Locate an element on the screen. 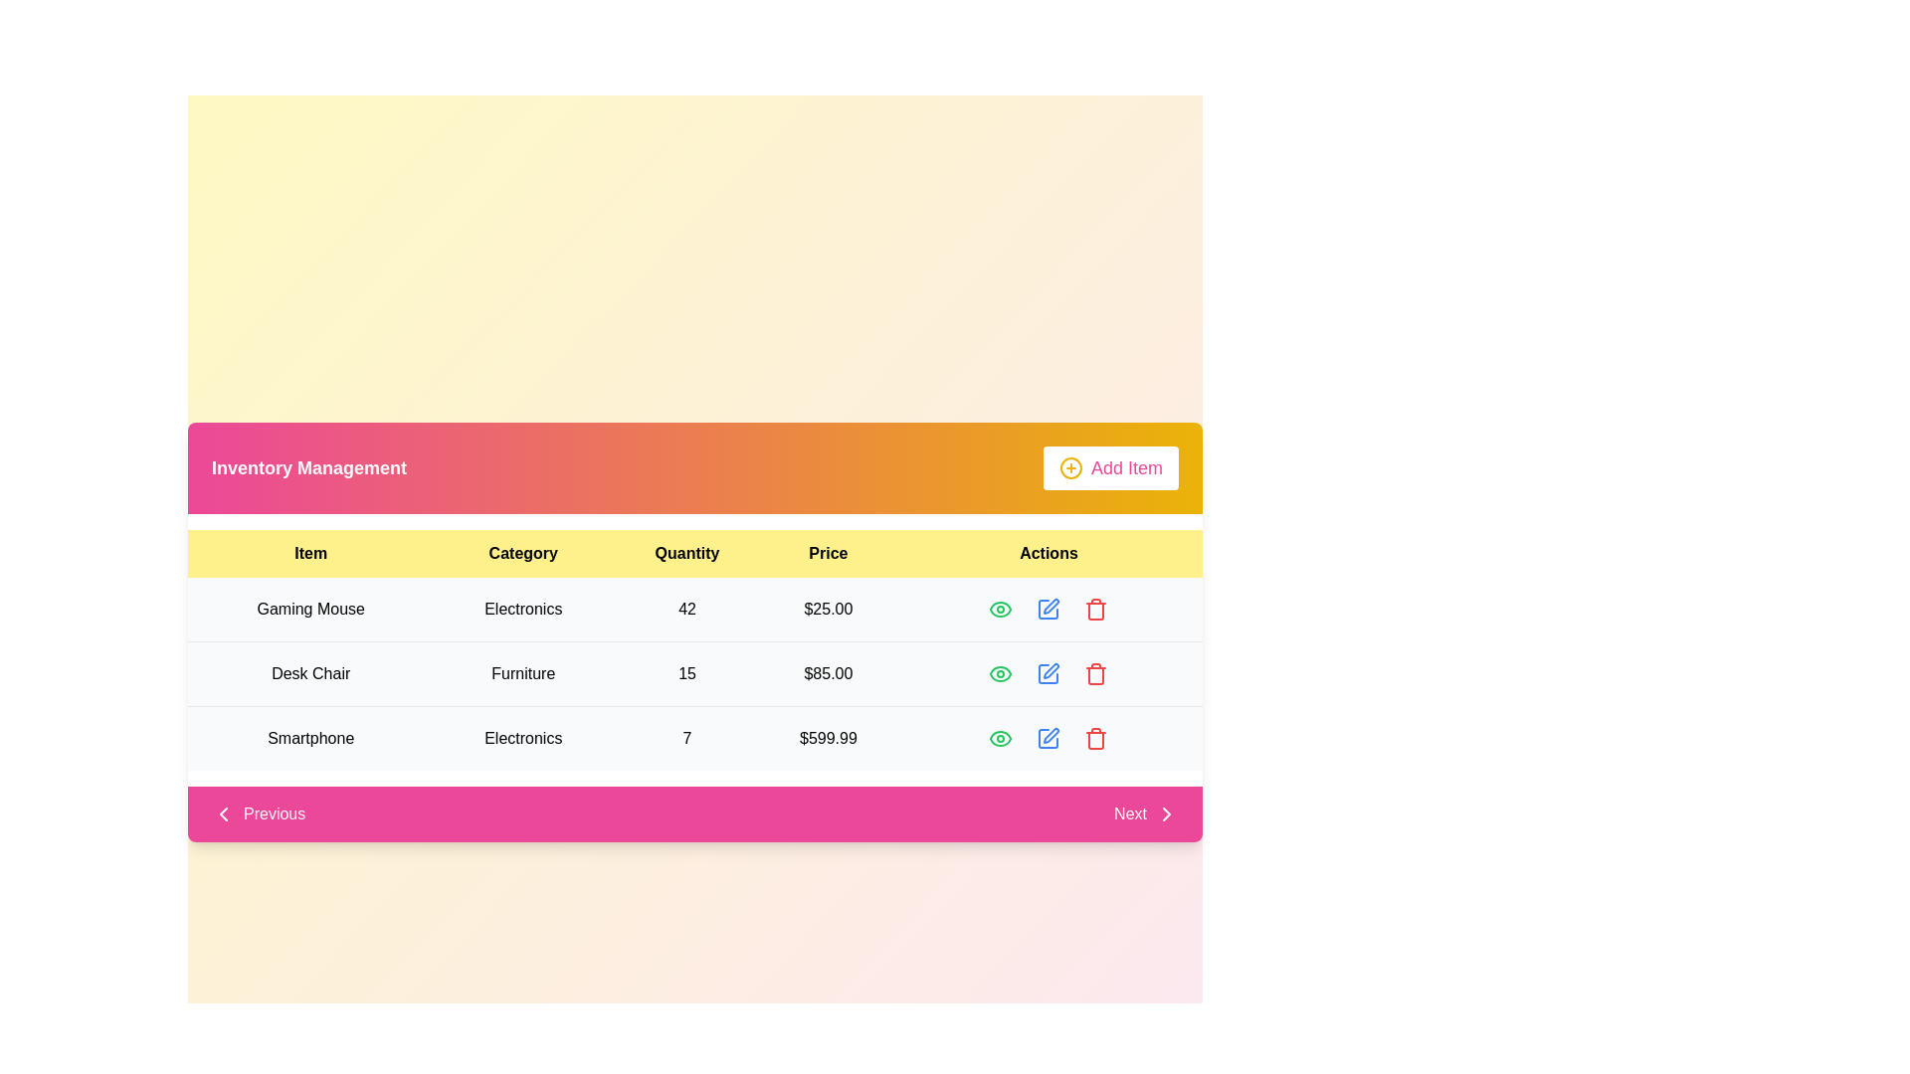  the static text label displaying 'Price' in bold black text on a yellow background, which is part of the header row in a tabular layout is located at coordinates (828, 553).